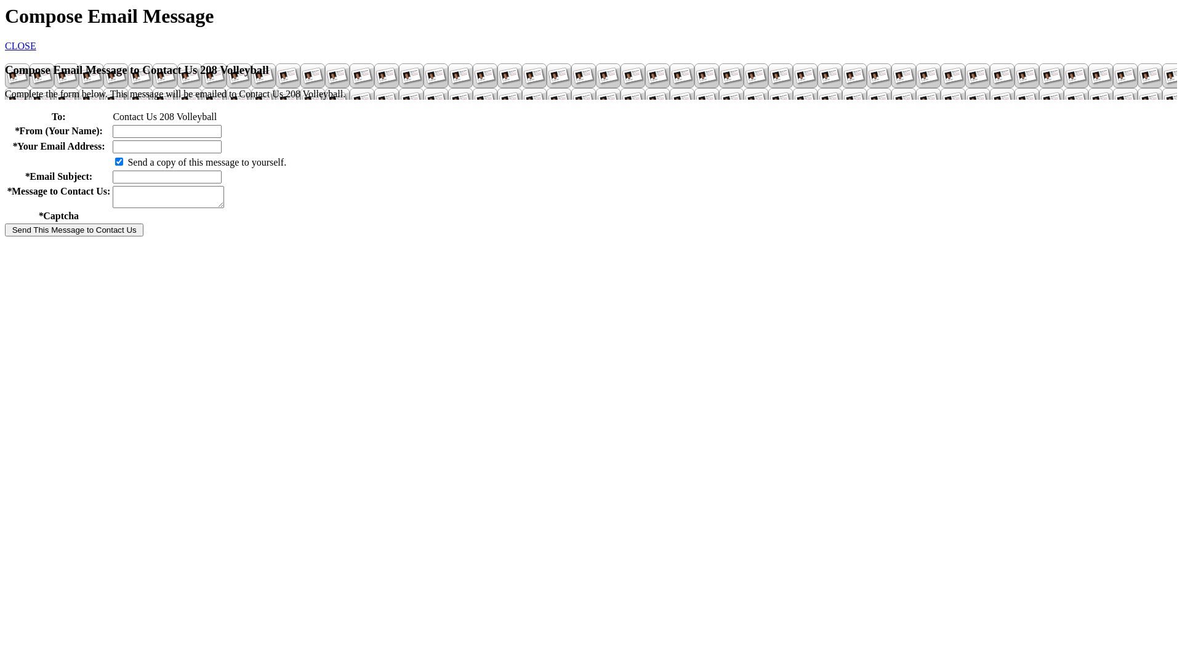 This screenshot has width=1182, height=665. What do you see at coordinates (73, 230) in the screenshot?
I see `' Send This Message to Contact Us '` at bounding box center [73, 230].